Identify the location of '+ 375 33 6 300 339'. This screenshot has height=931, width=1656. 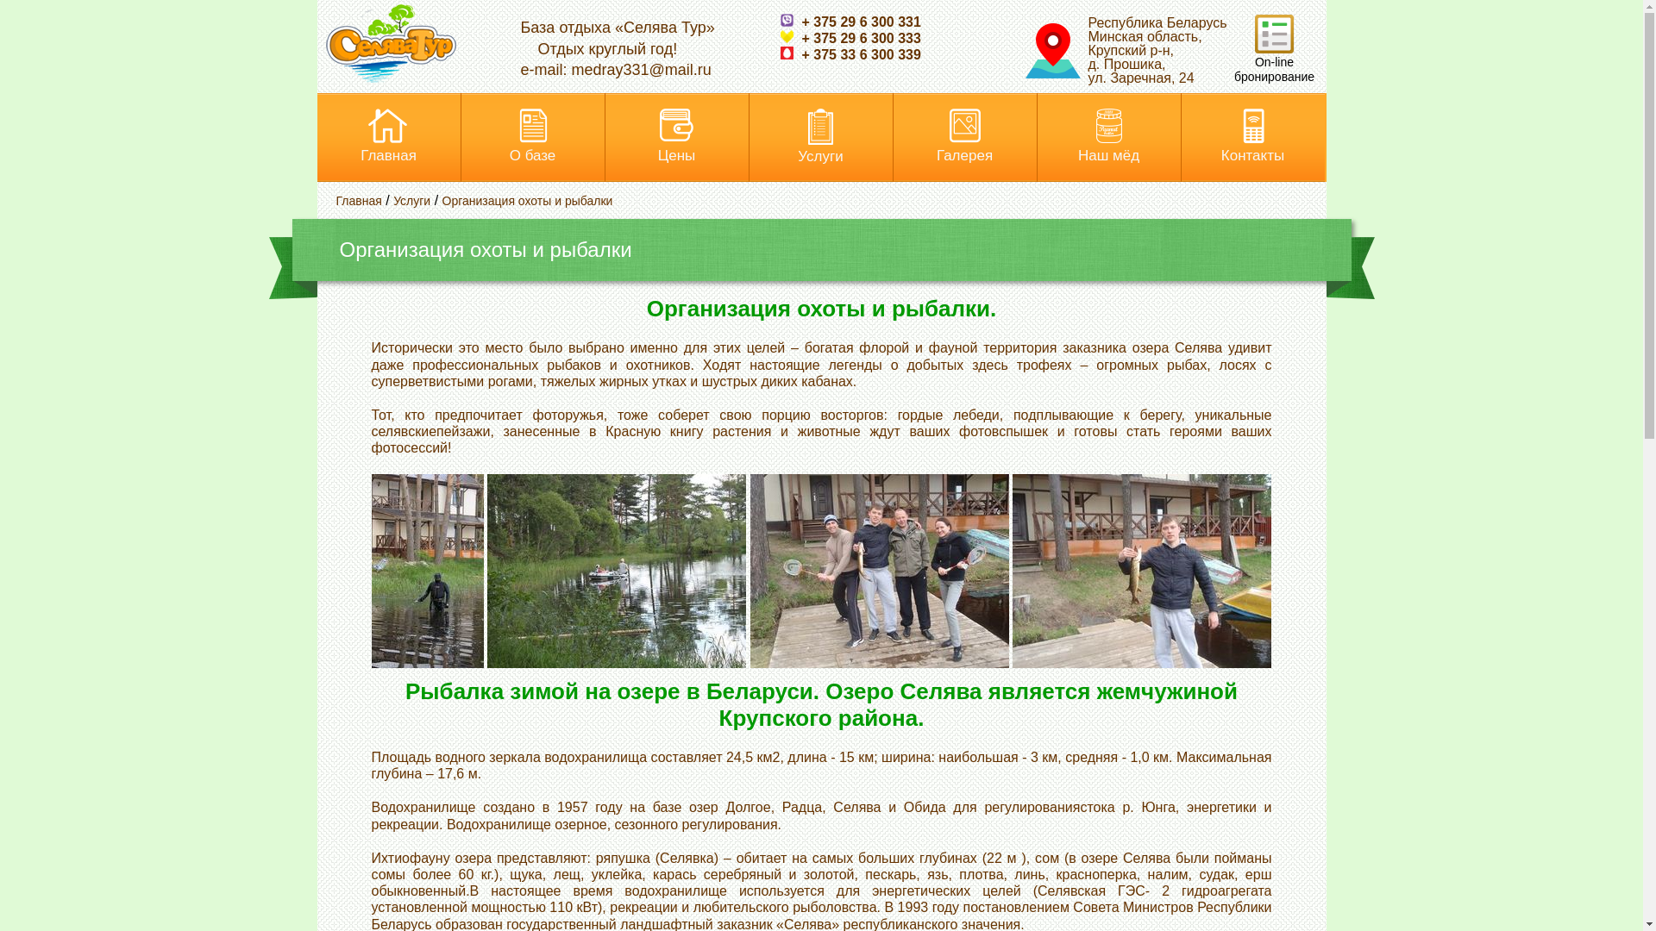
(850, 53).